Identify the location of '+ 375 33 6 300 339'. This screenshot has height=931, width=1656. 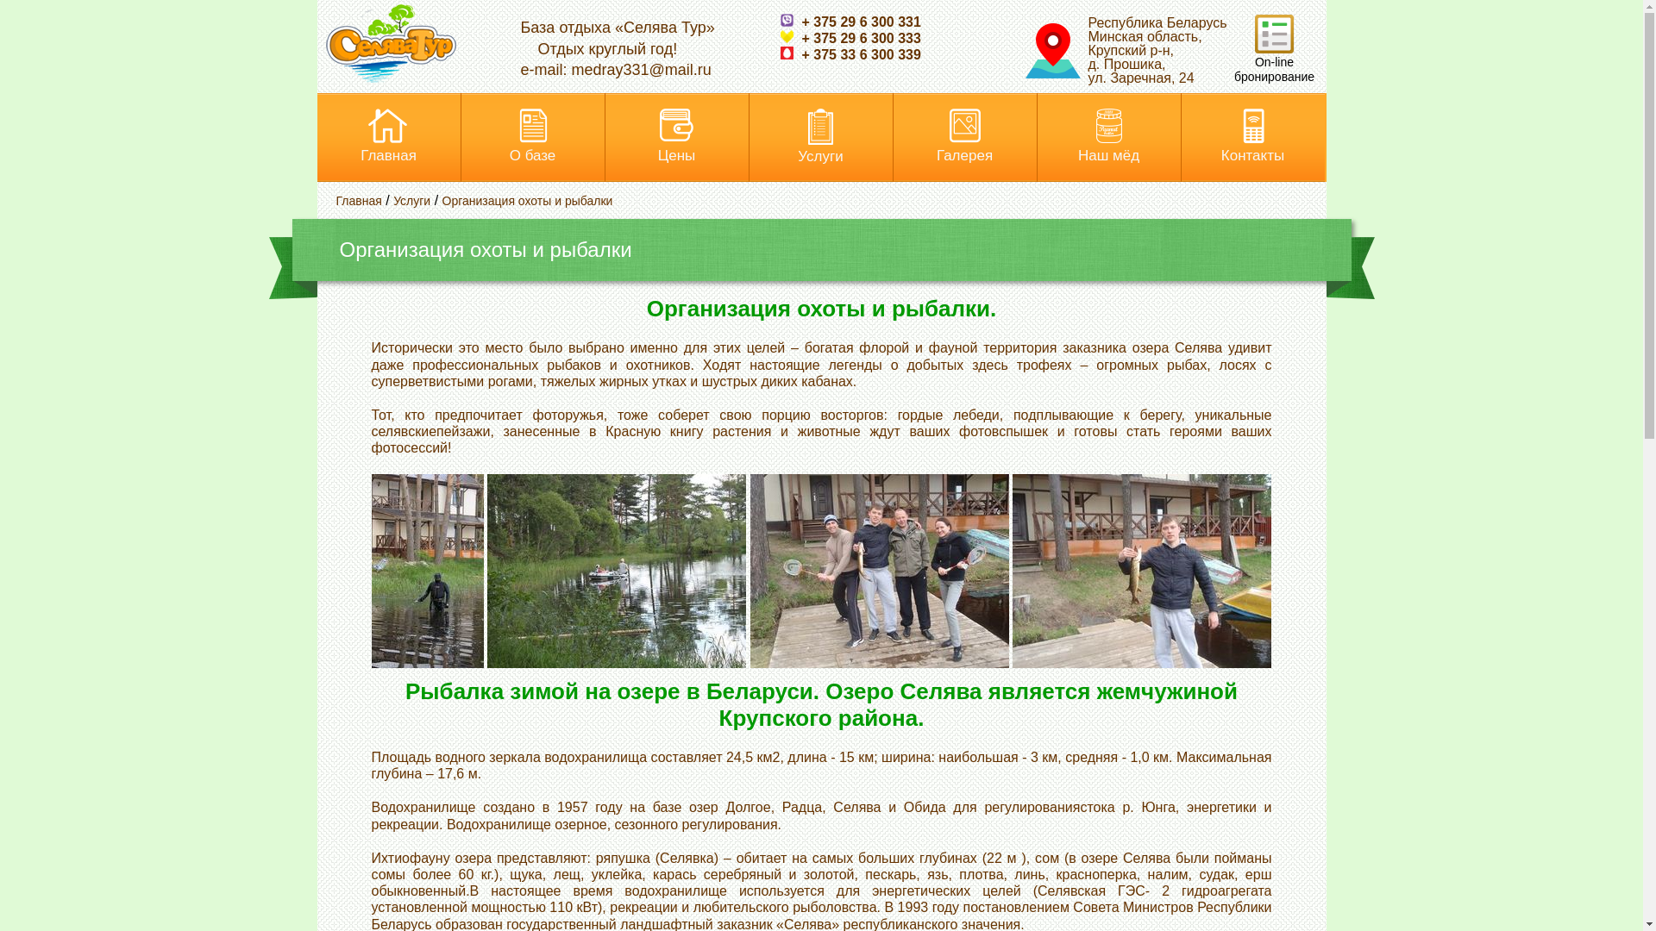
(850, 53).